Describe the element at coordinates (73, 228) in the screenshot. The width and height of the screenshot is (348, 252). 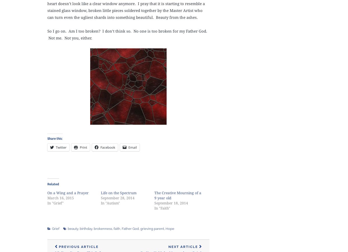
I see `'beauty'` at that location.